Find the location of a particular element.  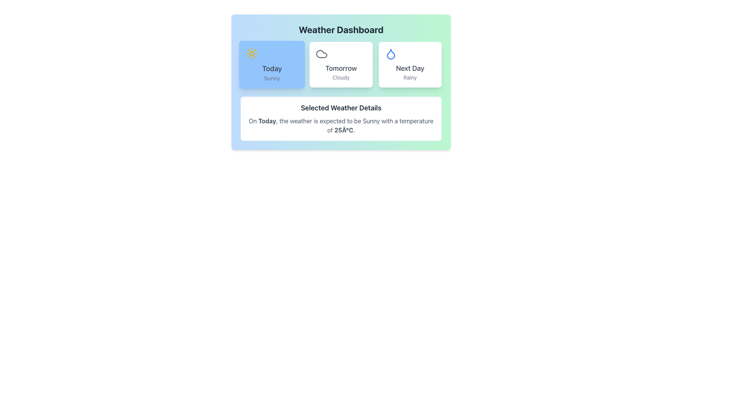

text displayed in the Text Label indicating the predicted weather condition ('Rainy') for the next day, located in the rightmost card under the 'Weather Dashboard' is located at coordinates (410, 78).